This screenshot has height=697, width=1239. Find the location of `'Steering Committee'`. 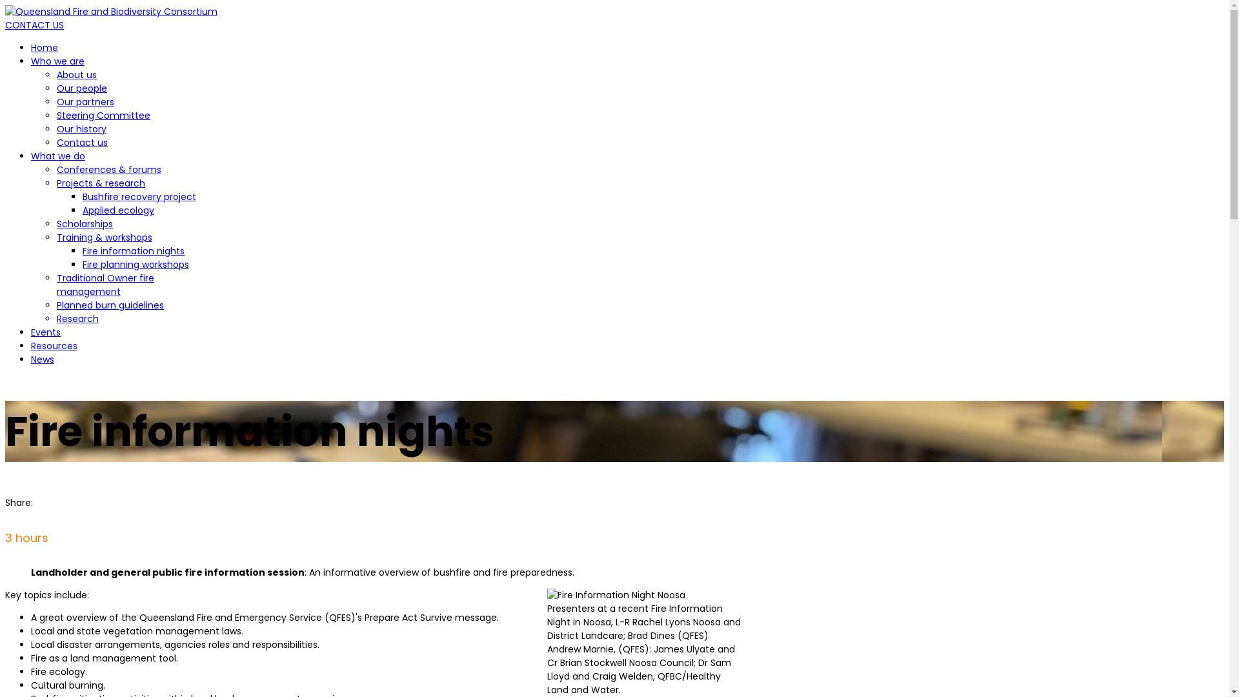

'Steering Committee' is located at coordinates (103, 114).